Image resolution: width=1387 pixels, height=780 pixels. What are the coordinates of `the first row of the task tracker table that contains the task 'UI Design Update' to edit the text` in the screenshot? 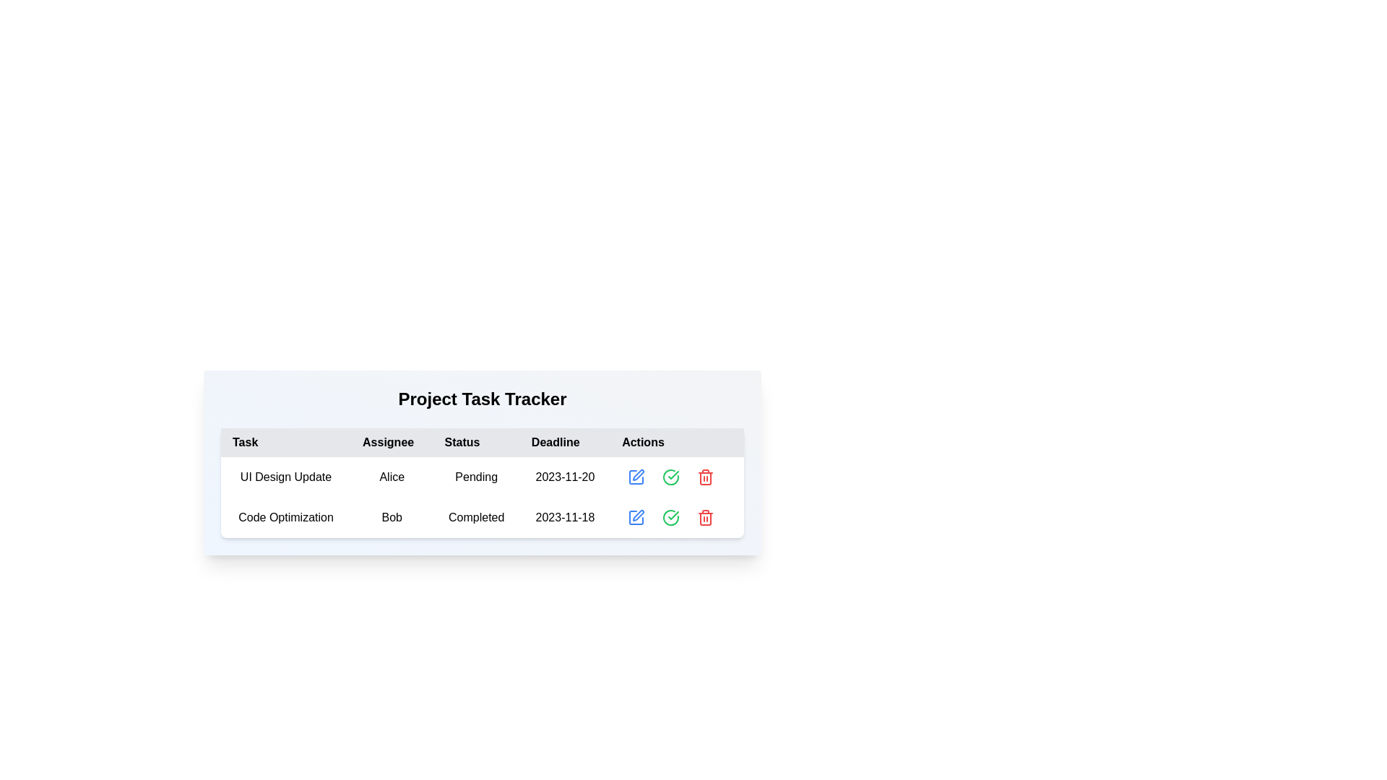 It's located at (482, 477).